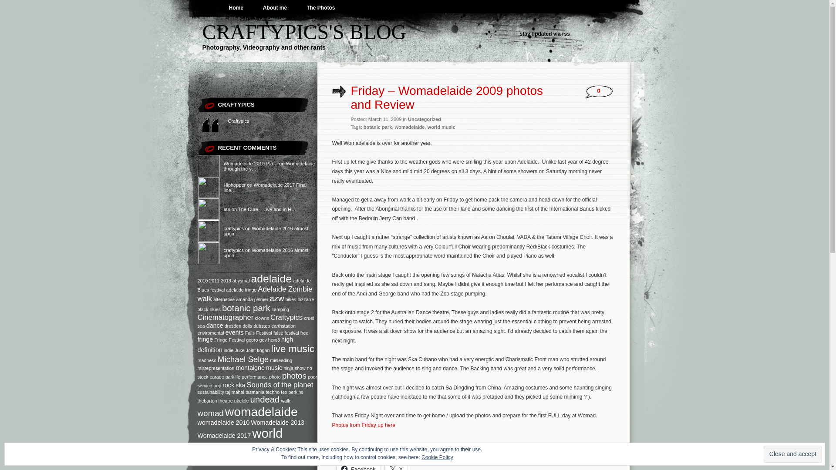 Image resolution: width=836 pixels, height=470 pixels. Describe the element at coordinates (211, 413) in the screenshot. I see `'womad'` at that location.